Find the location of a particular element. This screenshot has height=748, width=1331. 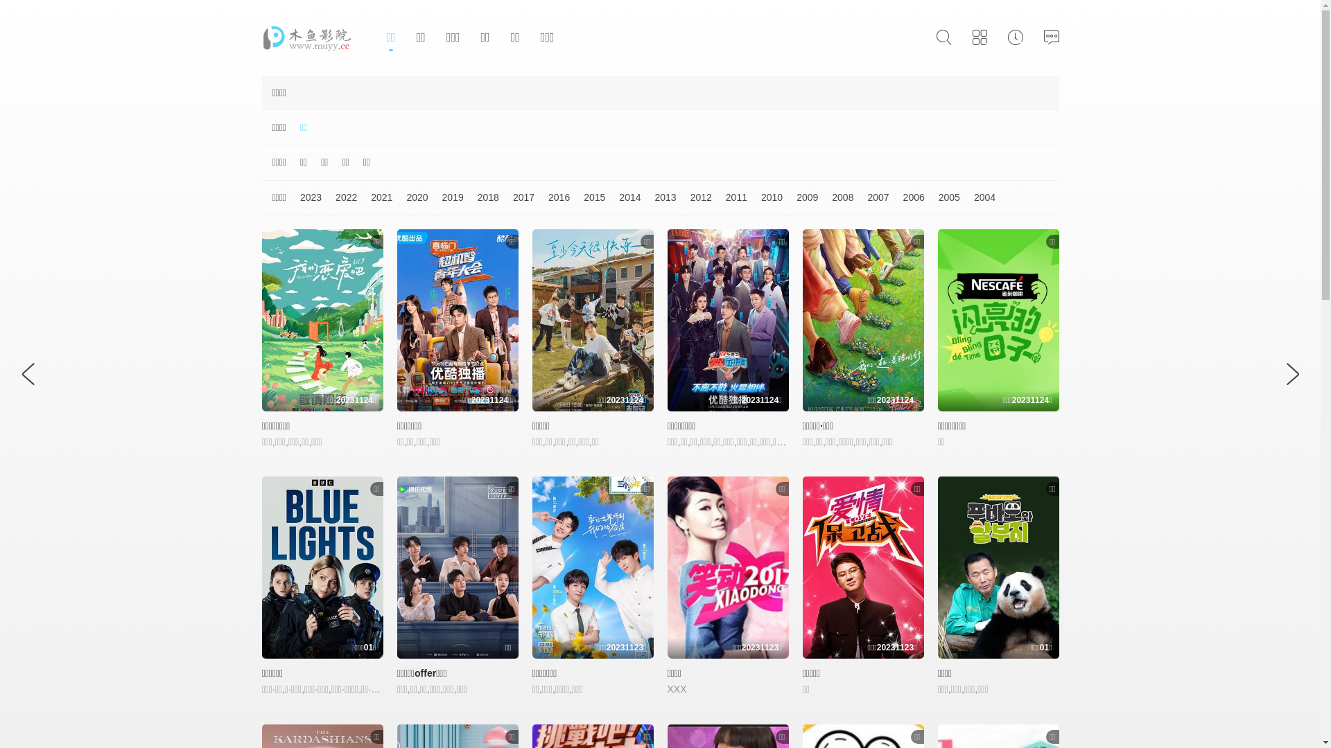

'2007' is located at coordinates (870, 197).